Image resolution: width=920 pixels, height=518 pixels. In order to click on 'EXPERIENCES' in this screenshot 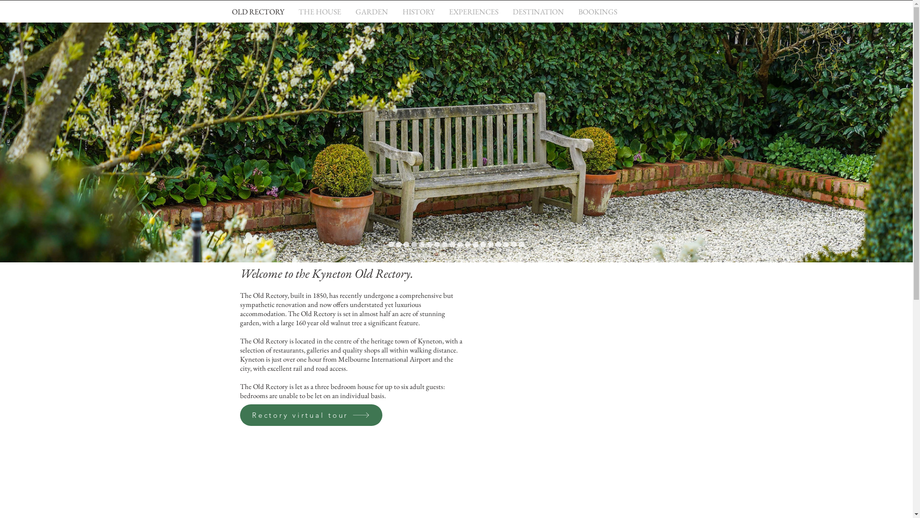, I will do `click(441, 12)`.